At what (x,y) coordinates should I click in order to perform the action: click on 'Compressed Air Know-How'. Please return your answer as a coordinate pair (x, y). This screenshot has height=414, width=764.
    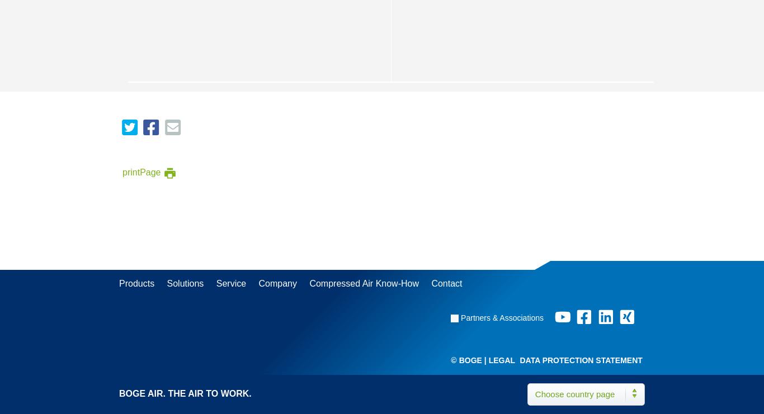
    Looking at the image, I should click on (364, 283).